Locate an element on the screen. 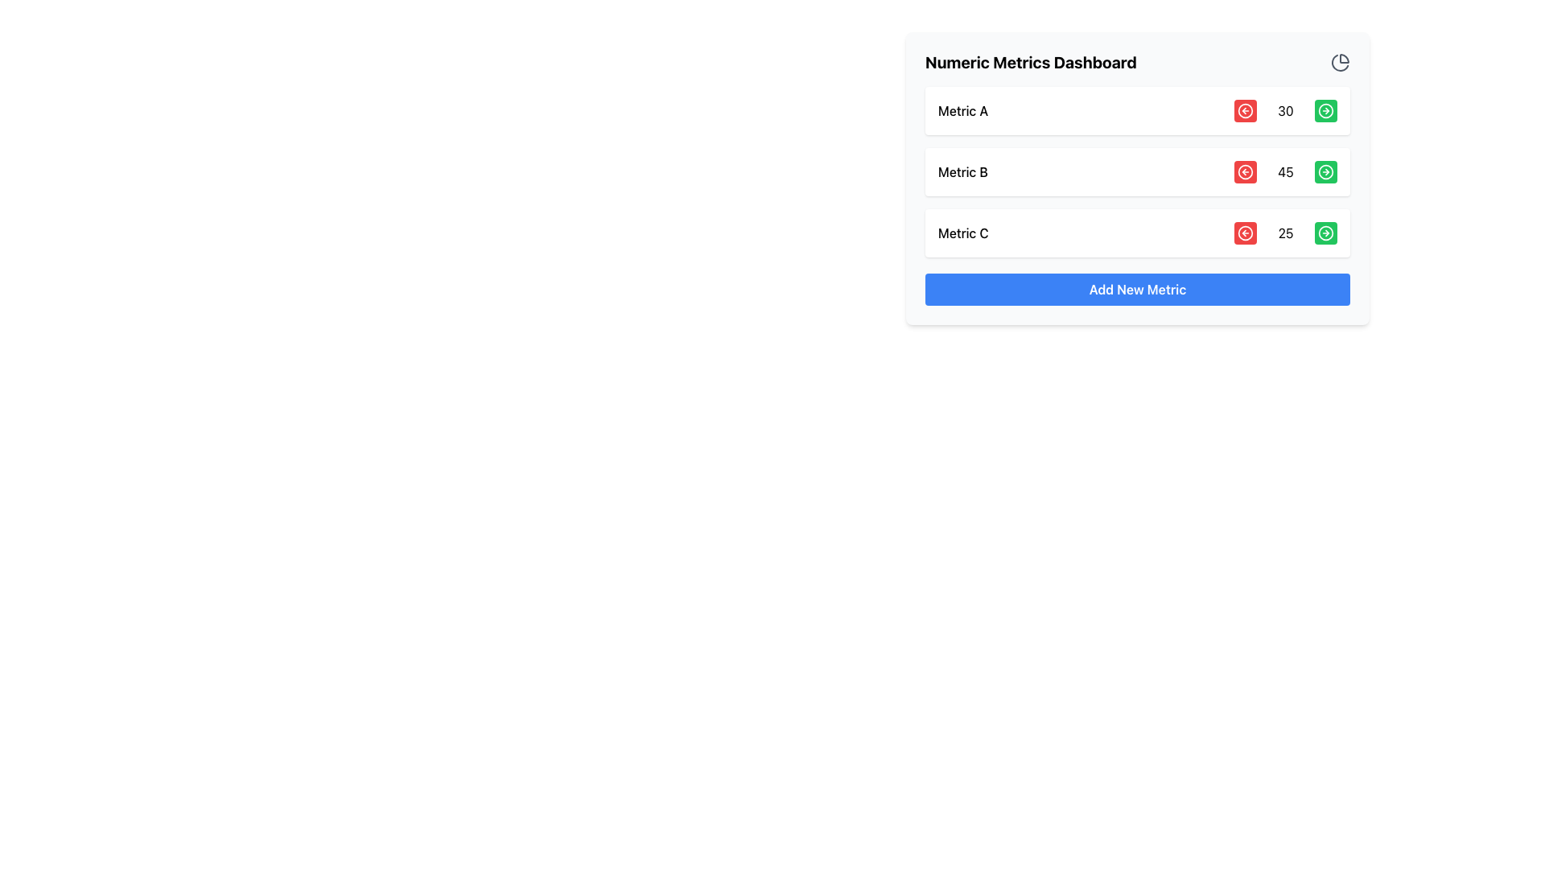 This screenshot has width=1545, height=869. the button that confirms or proceeds with the numeric value '30', positioned at the far right end of the first row in a vertically stacked list is located at coordinates (1325, 110).